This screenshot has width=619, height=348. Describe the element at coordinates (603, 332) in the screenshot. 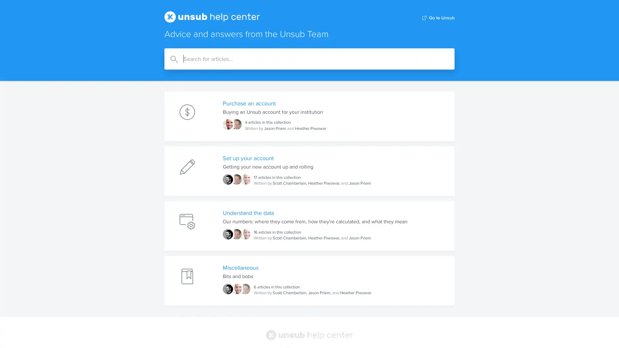

I see `Open Intercom Messenger` at that location.